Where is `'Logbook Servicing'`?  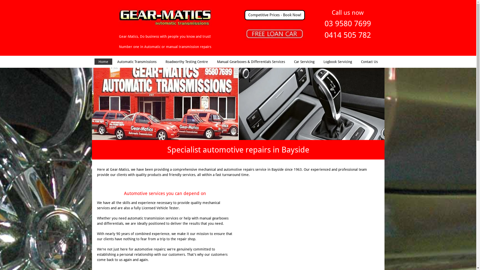
'Logbook Servicing' is located at coordinates (337, 61).